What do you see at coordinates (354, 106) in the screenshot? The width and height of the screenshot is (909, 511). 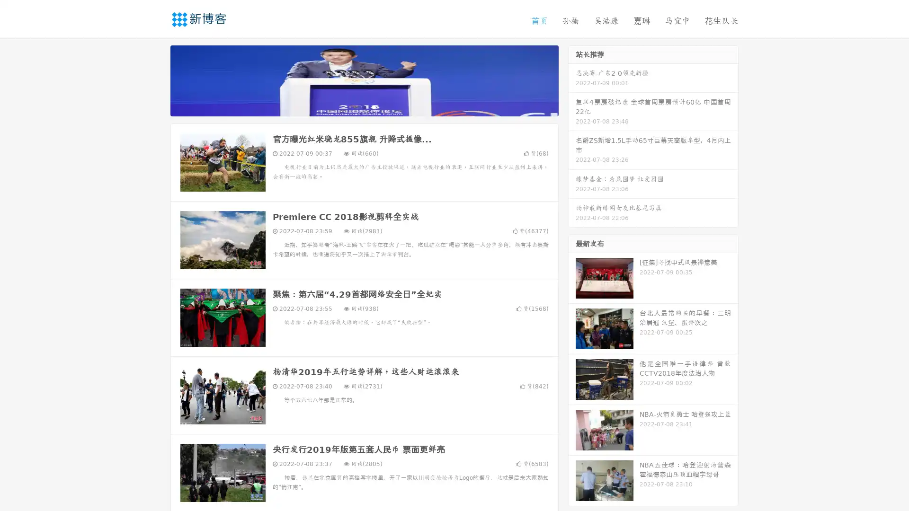 I see `Go to slide 1` at bounding box center [354, 106].